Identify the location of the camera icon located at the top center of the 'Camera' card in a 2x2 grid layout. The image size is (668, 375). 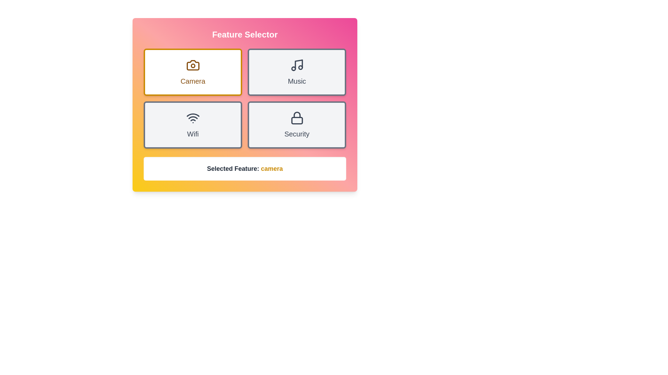
(193, 65).